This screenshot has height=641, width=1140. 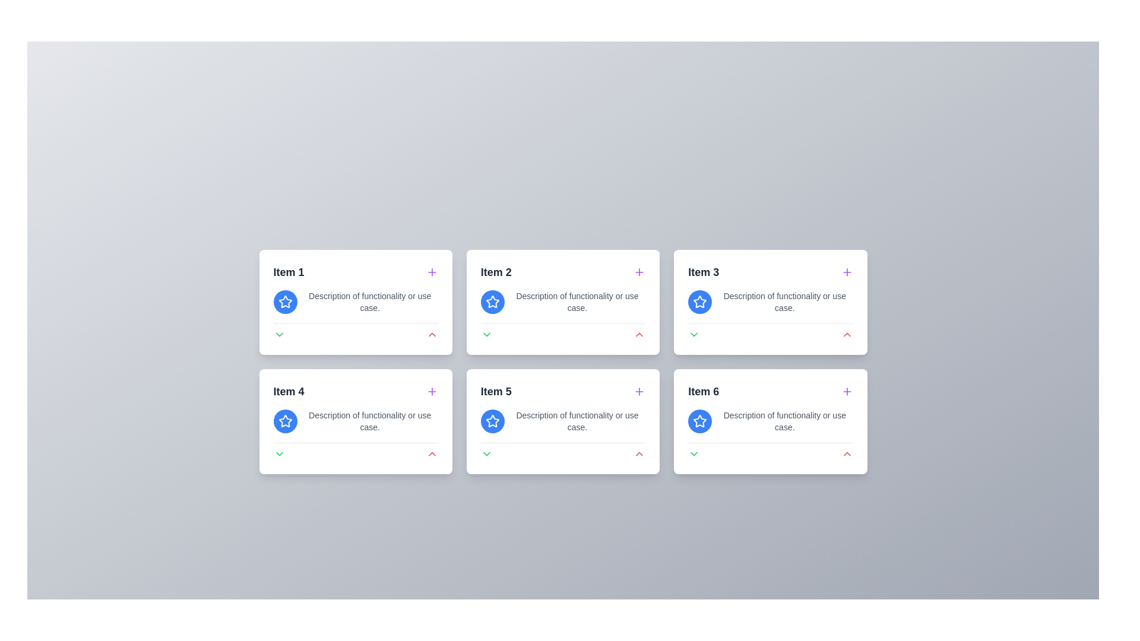 What do you see at coordinates (639, 453) in the screenshot?
I see `the red upward-pointing chevron icon located at the bottom-right corner of the Item 6 card` at bounding box center [639, 453].